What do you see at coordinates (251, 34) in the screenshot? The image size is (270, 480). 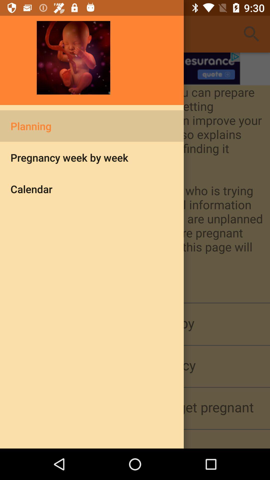 I see `the search button` at bounding box center [251, 34].